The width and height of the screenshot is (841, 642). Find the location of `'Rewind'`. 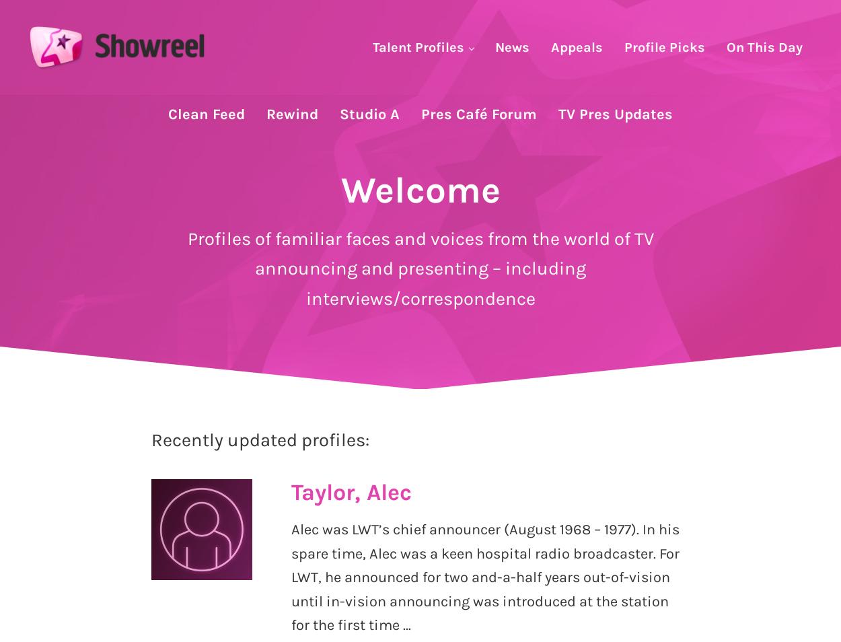

'Rewind' is located at coordinates (292, 114).